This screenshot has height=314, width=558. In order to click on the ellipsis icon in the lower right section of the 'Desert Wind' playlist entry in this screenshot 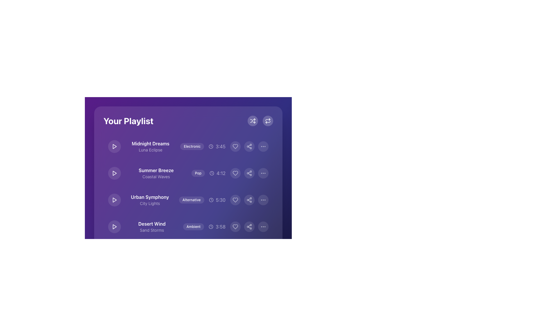, I will do `click(263, 226)`.